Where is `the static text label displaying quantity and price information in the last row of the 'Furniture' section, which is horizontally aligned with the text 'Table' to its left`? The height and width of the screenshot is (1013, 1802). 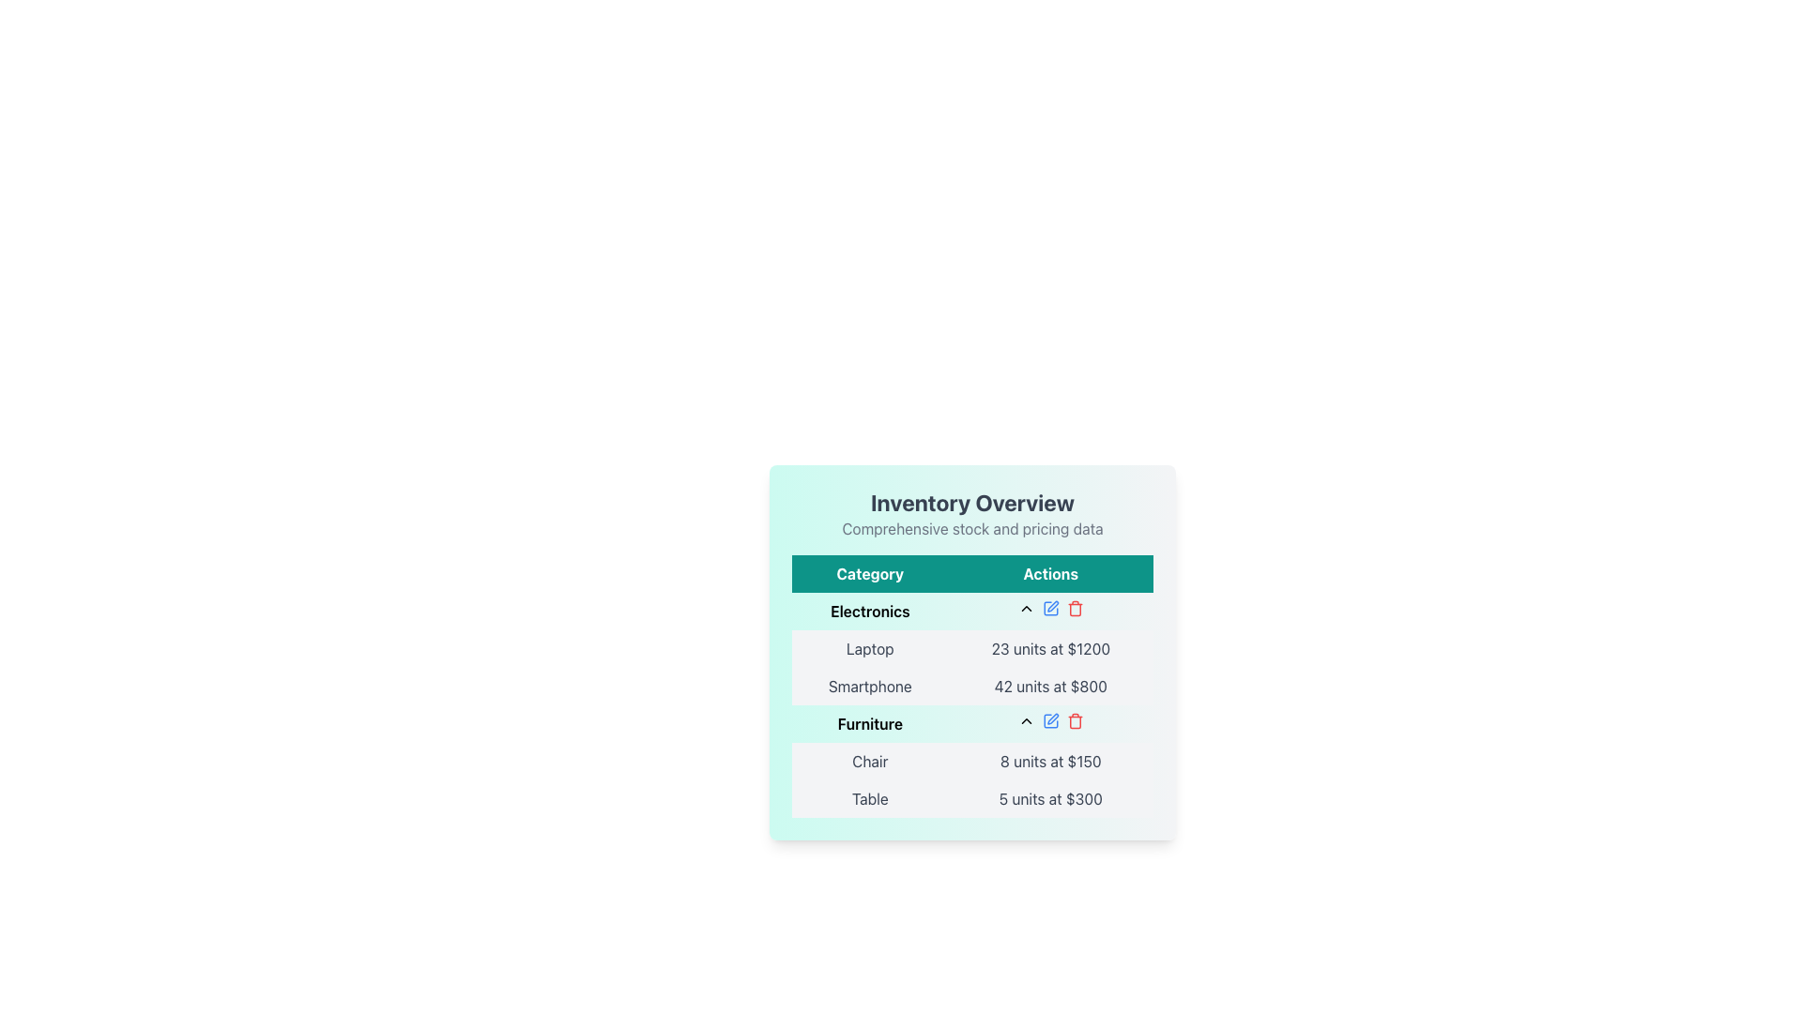
the static text label displaying quantity and price information in the last row of the 'Furniture' section, which is horizontally aligned with the text 'Table' to its left is located at coordinates (1049, 799).